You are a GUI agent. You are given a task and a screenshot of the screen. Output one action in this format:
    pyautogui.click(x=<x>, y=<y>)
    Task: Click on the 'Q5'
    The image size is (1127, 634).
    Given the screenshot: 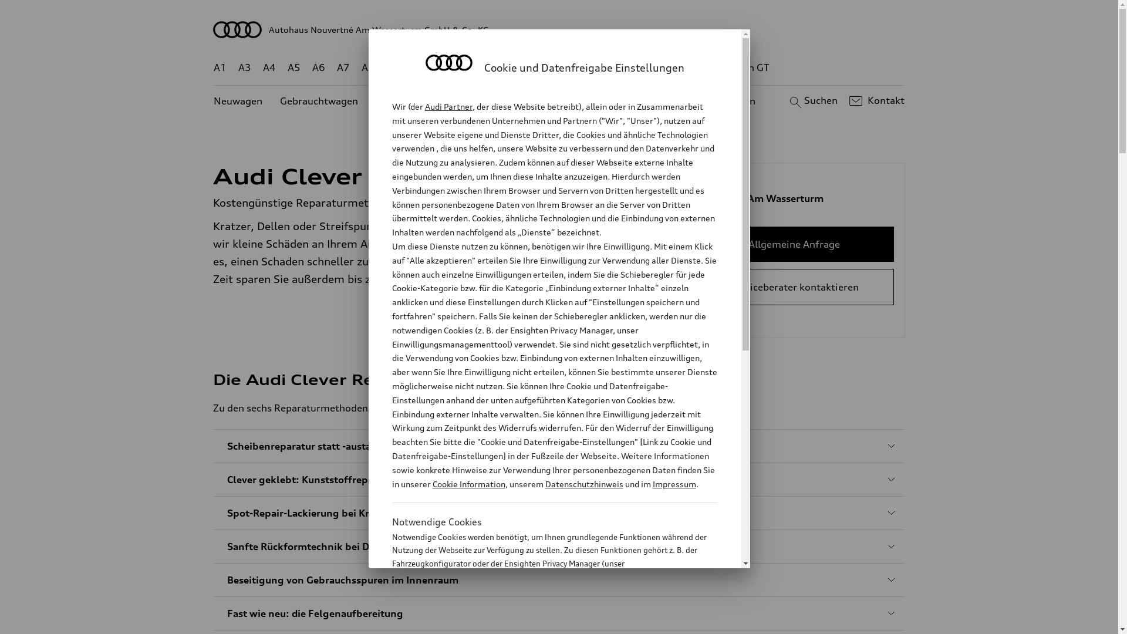 What is the action you would take?
    pyautogui.click(x=500, y=68)
    